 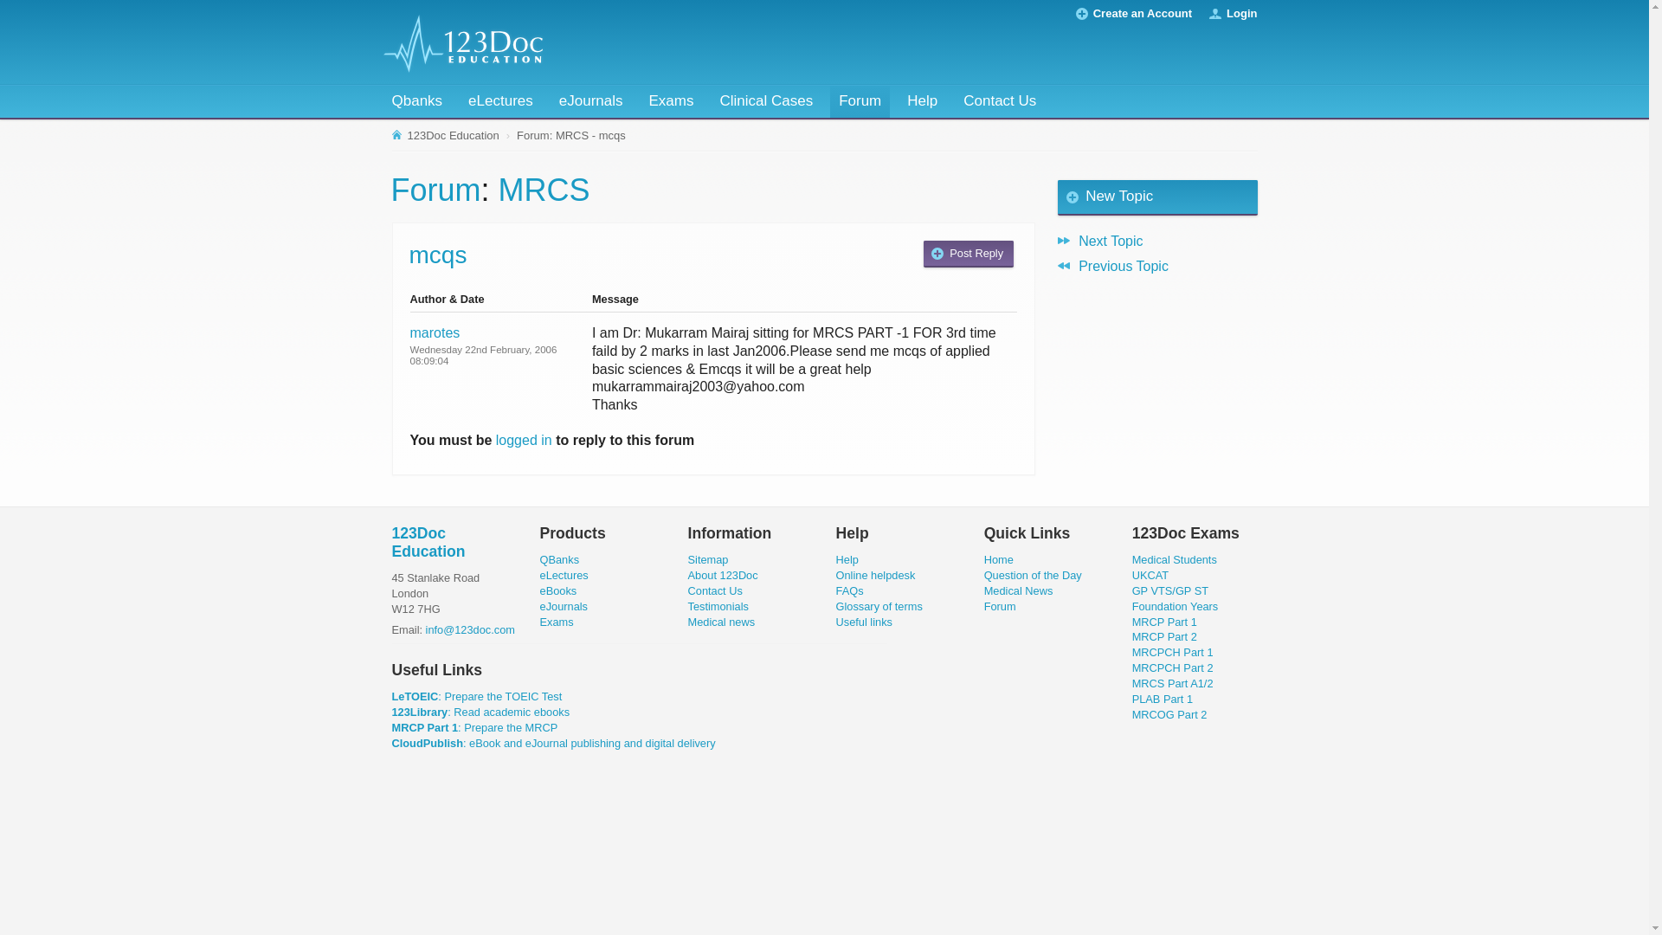 I want to click on 'Online helpdesk', so click(x=876, y=575).